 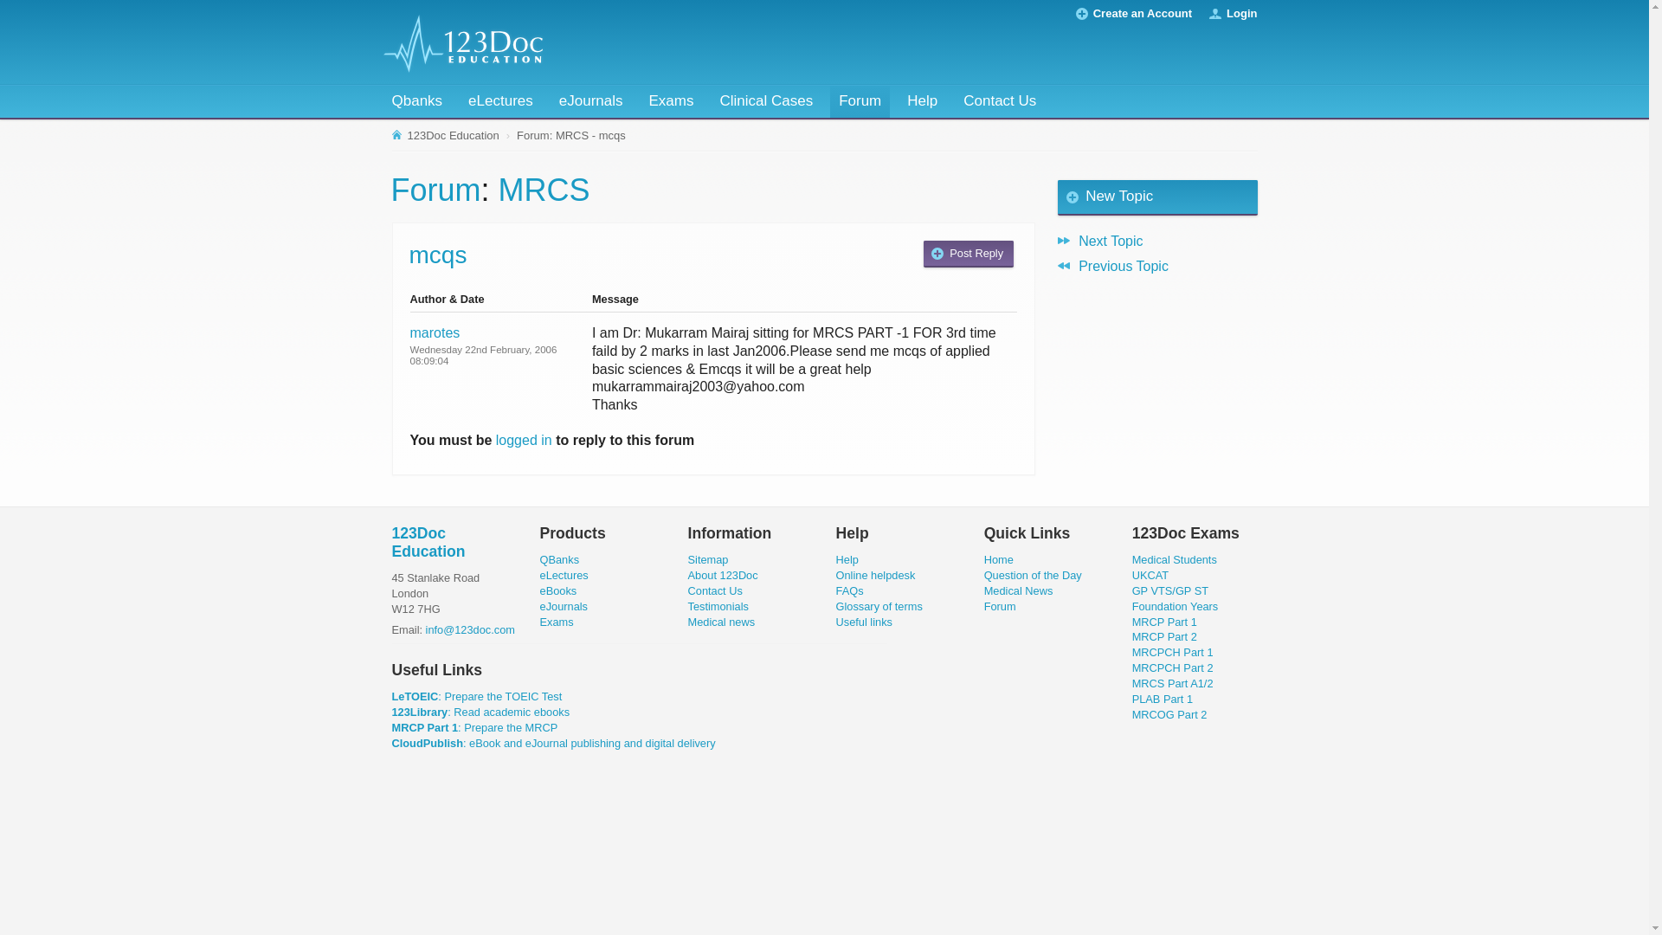 I want to click on 'Online helpdesk', so click(x=876, y=575).